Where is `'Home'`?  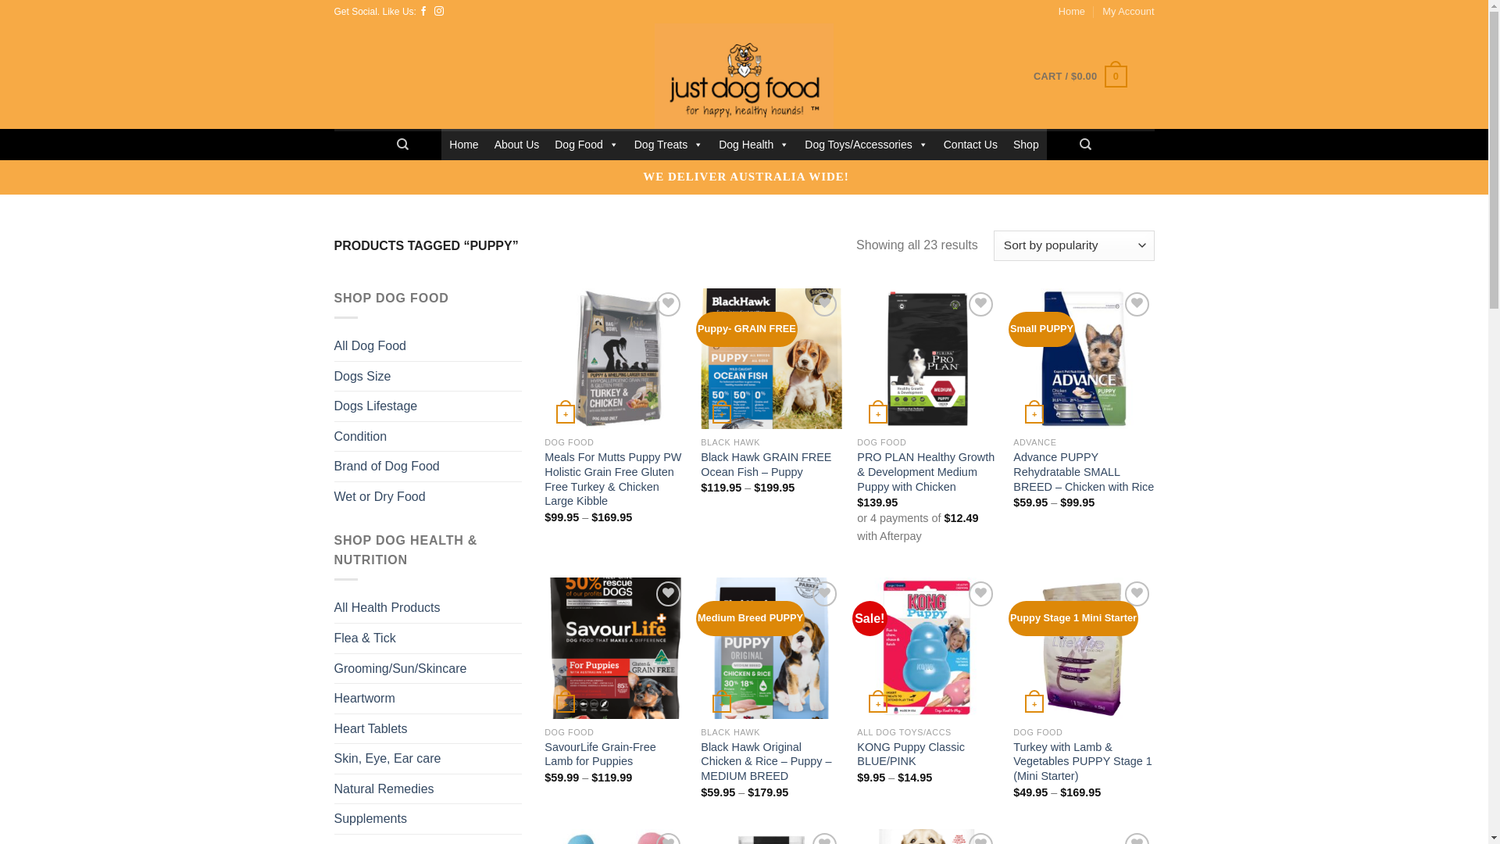 'Home' is located at coordinates (1071, 12).